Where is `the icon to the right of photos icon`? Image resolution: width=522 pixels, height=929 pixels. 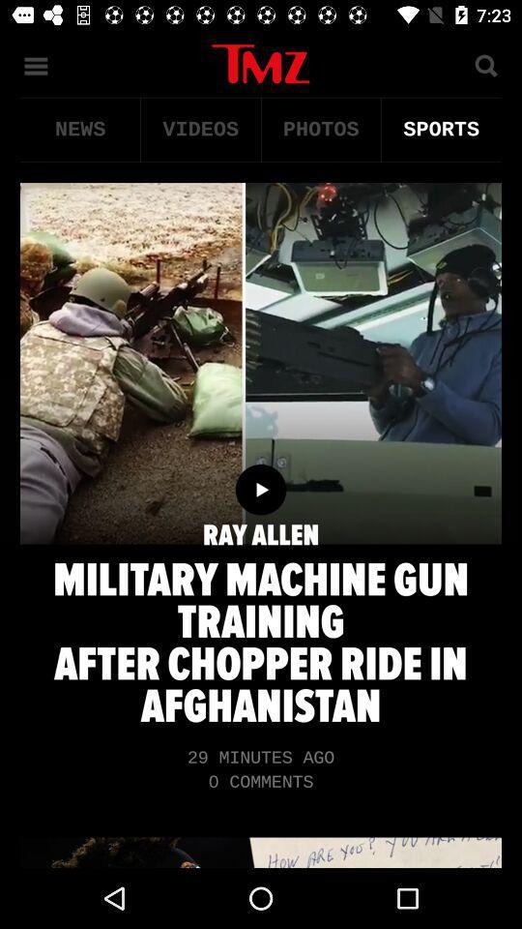 the icon to the right of photos icon is located at coordinates (441, 129).